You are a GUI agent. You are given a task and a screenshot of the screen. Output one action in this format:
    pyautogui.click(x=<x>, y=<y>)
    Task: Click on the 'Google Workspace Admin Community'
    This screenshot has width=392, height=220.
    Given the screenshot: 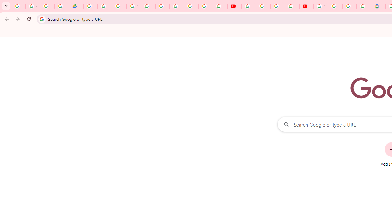 What is the action you would take?
    pyautogui.click(x=18, y=6)
    